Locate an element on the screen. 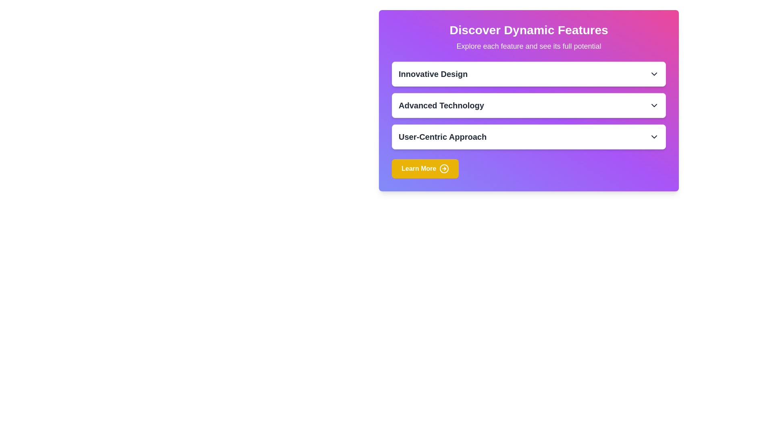 The width and height of the screenshot is (774, 435). the second dropdown selection item labeled 'Advanced Technology' is located at coordinates (528, 105).